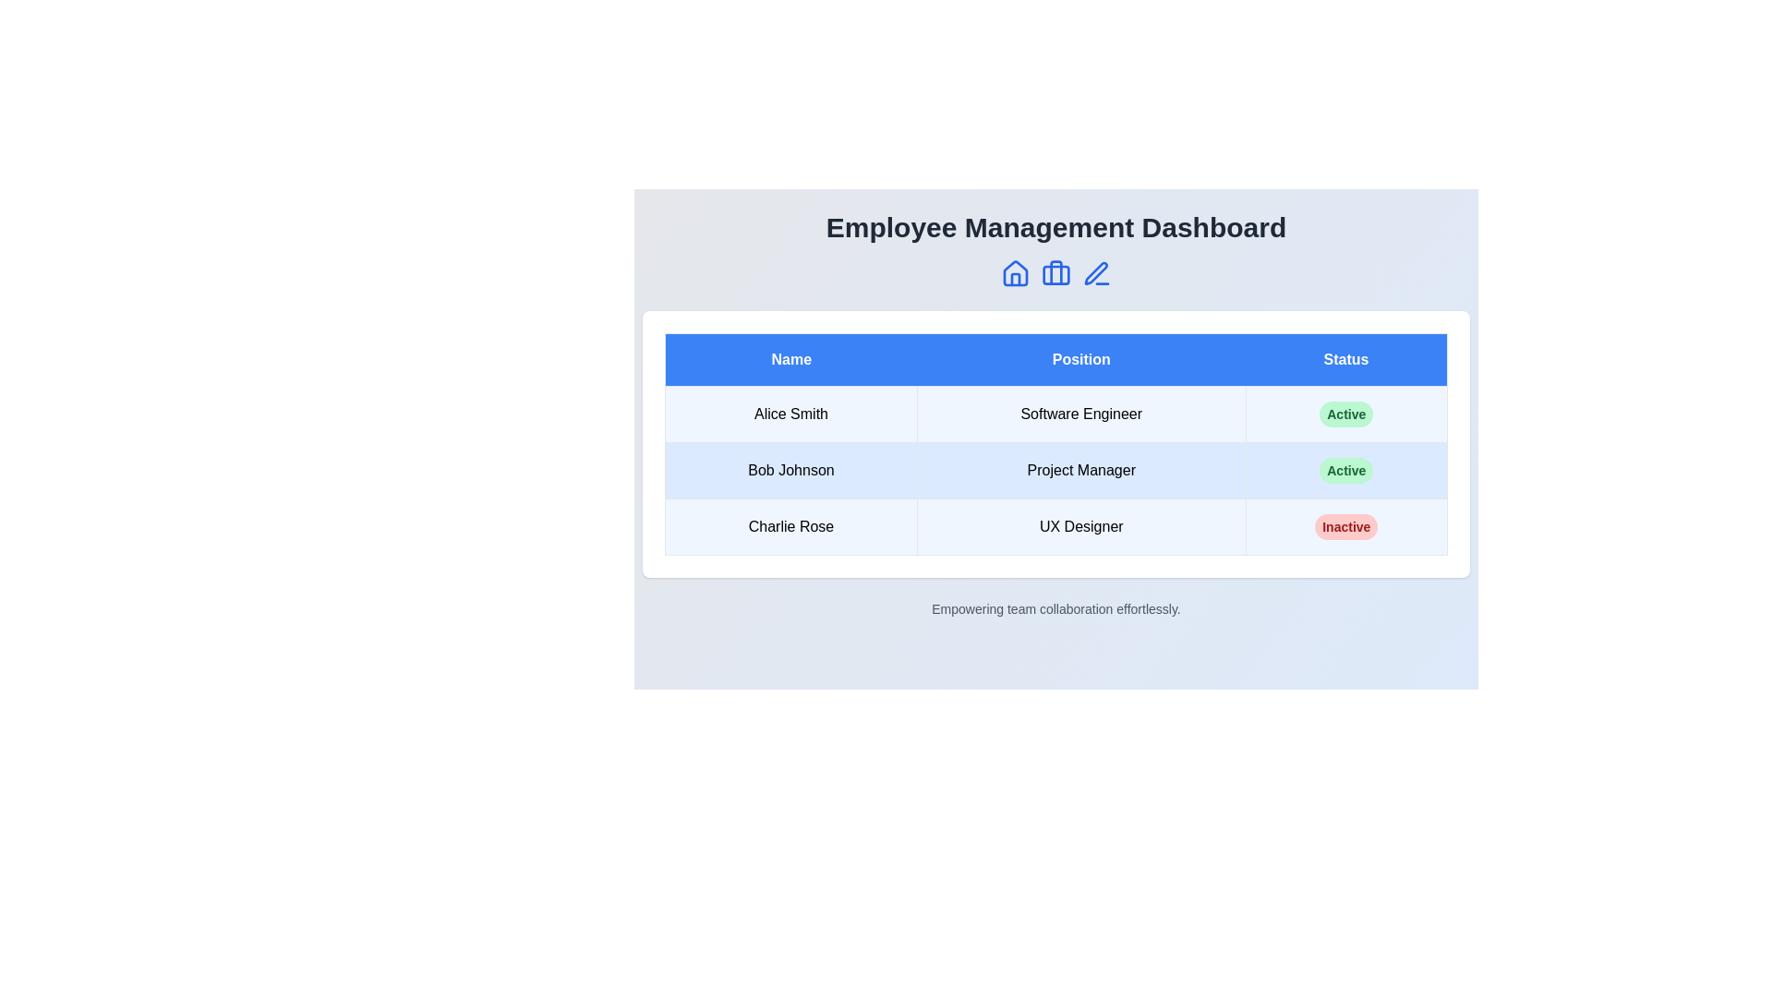  Describe the element at coordinates (1014, 274) in the screenshot. I see `the blue outlined house-shaped icon located at the leftmost position in the horizontal navigation bar above the dashboard to potentially see a tooltip` at that location.